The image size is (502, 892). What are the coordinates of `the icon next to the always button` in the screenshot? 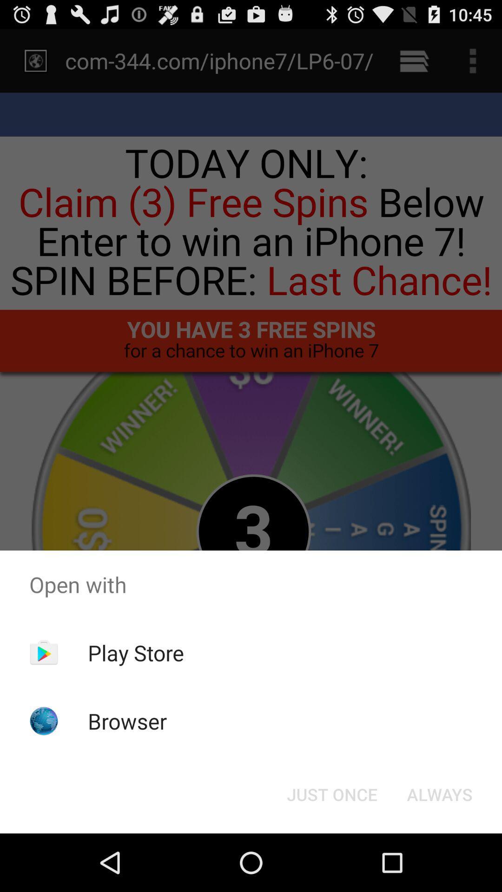 It's located at (331, 794).